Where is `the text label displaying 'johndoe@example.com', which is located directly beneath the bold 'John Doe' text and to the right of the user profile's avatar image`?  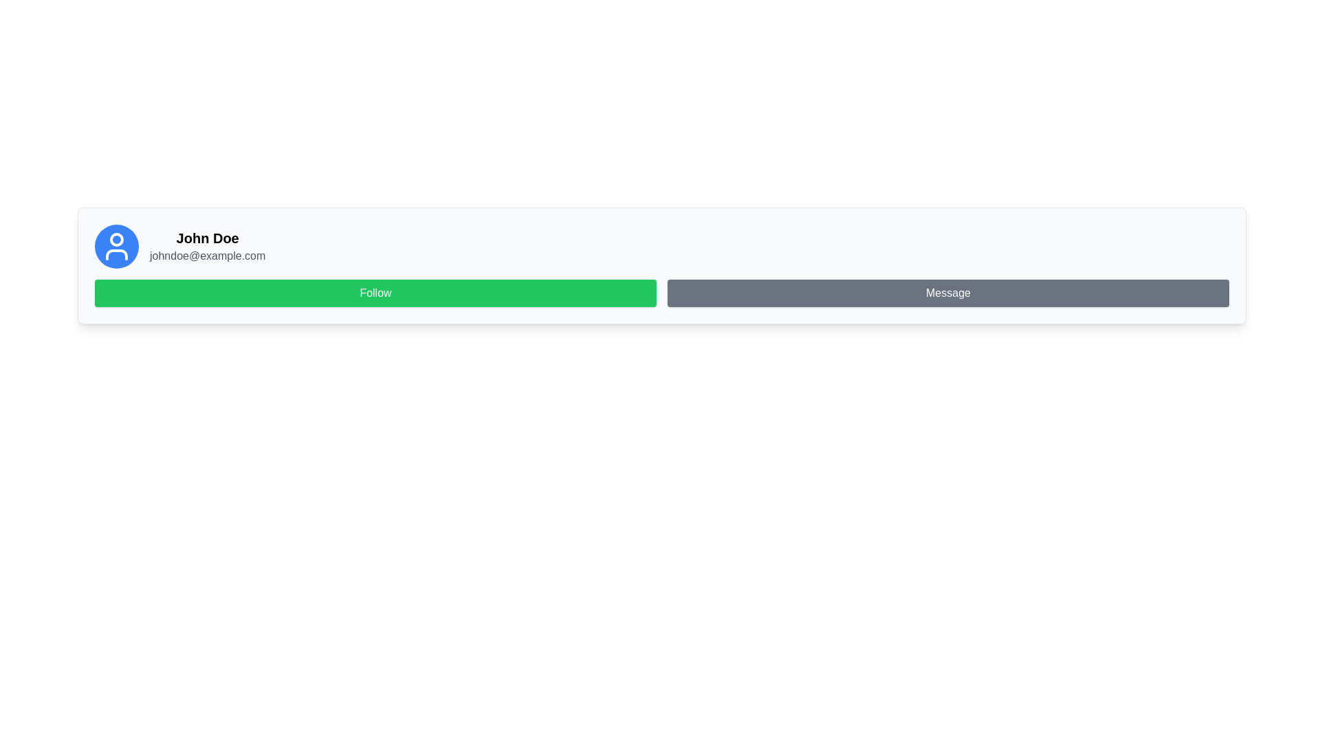
the text label displaying 'johndoe@example.com', which is located directly beneath the bold 'John Doe' text and to the right of the user profile's avatar image is located at coordinates (207, 256).